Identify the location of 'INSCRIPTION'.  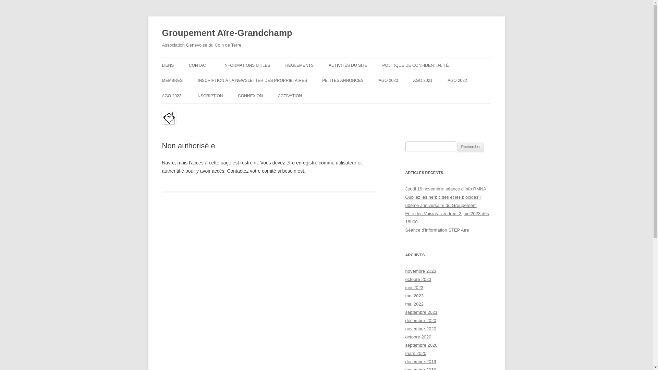
(209, 96).